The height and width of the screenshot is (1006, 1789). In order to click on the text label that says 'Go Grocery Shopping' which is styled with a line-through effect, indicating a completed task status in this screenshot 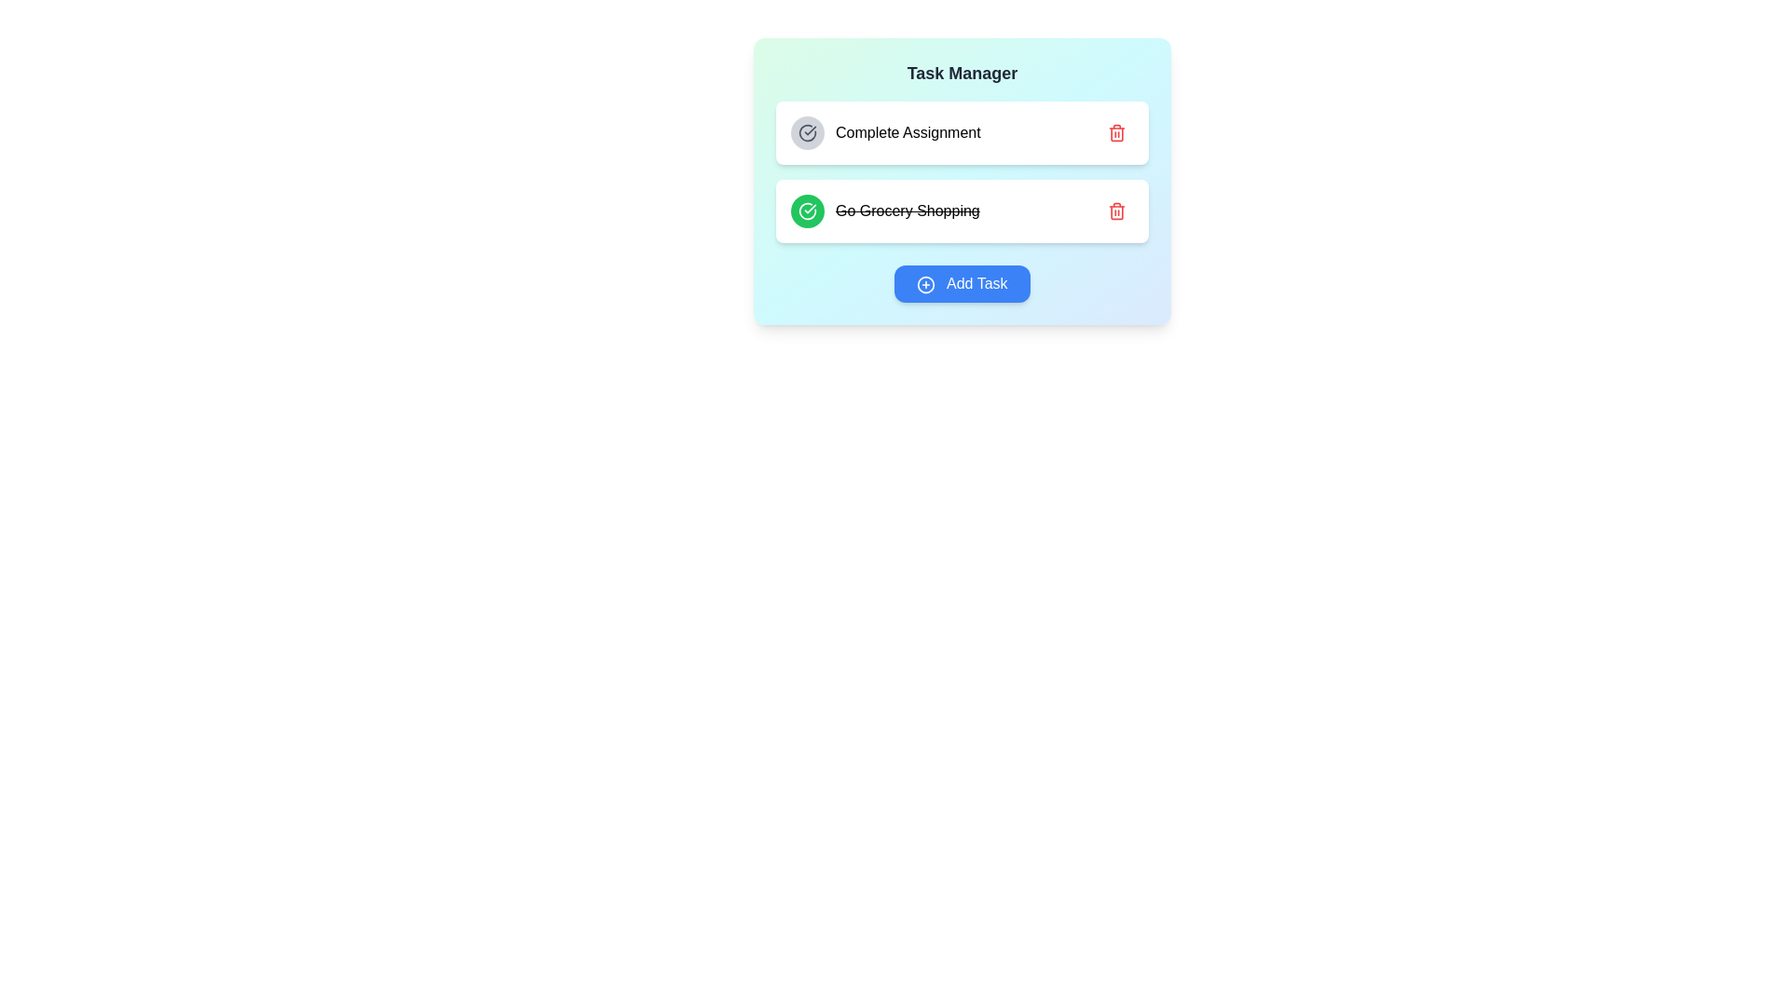, I will do `click(908, 211)`.